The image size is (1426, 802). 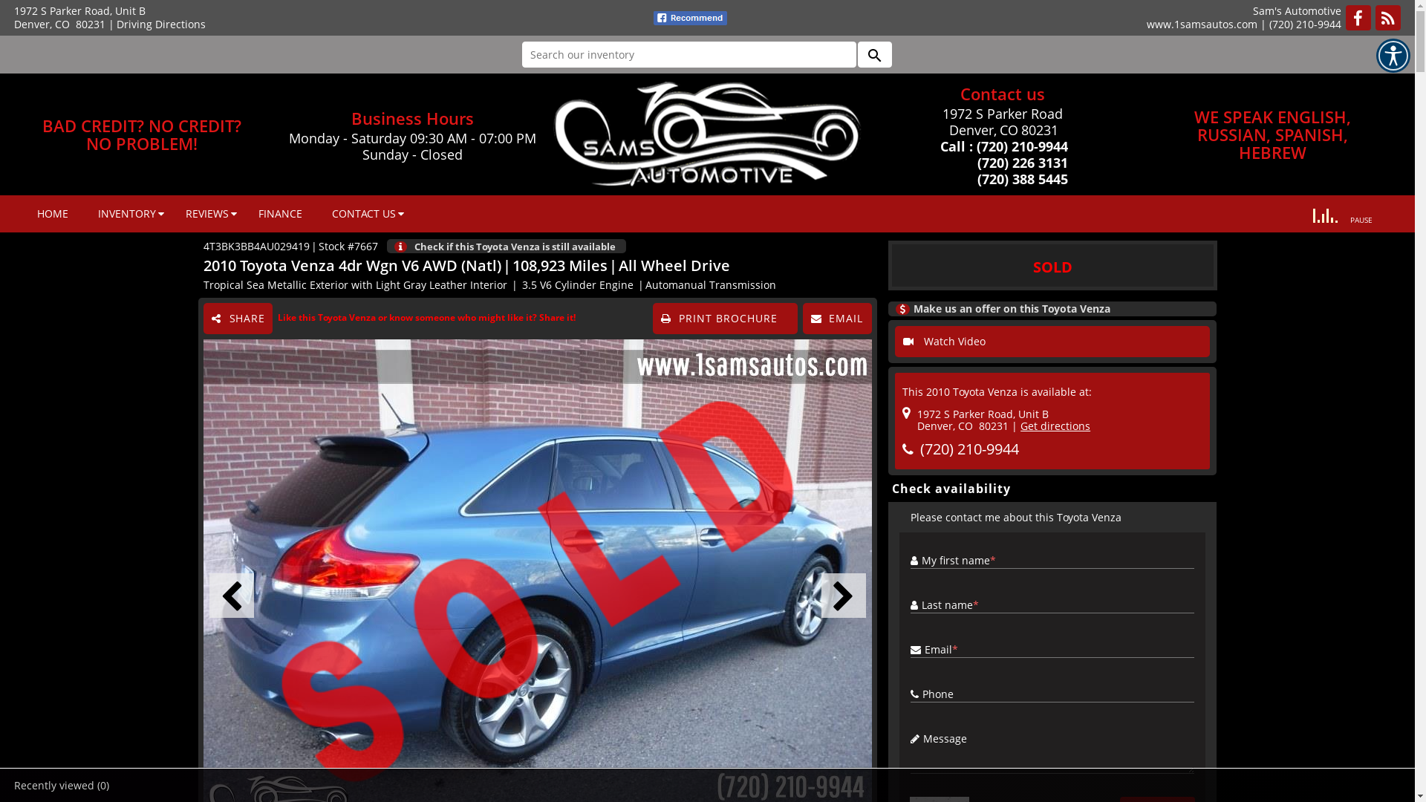 I want to click on 'fb recommend', so click(x=689, y=18).